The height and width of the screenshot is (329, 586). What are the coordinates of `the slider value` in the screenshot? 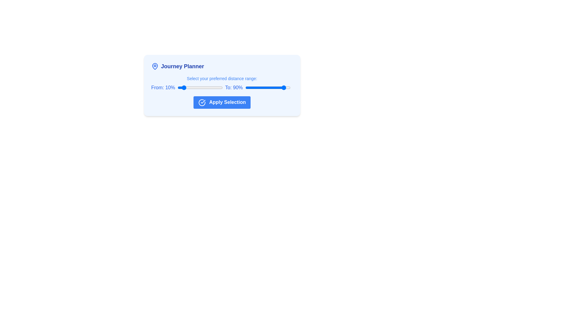 It's located at (282, 88).